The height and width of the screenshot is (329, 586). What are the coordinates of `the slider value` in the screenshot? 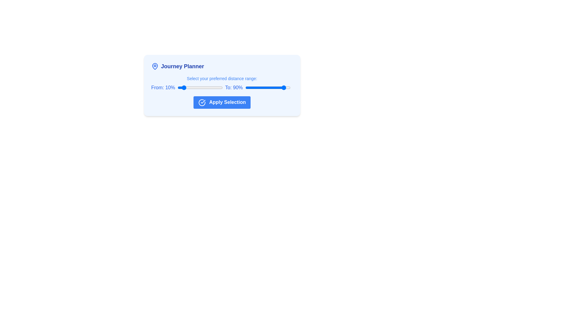 It's located at (282, 88).